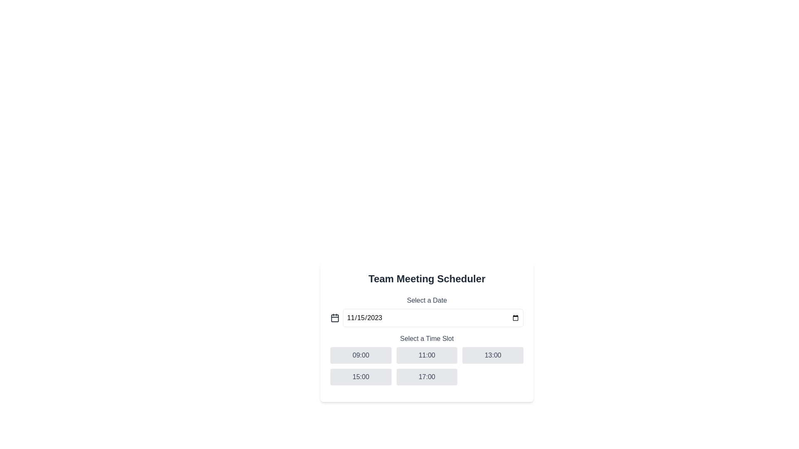 The width and height of the screenshot is (799, 449). Describe the element at coordinates (335, 318) in the screenshot. I see `the calendar icon, which is a minimalistic vector graphic with a rectangular outline and two top tabs, to trigger tooltip or highlight effects` at that location.